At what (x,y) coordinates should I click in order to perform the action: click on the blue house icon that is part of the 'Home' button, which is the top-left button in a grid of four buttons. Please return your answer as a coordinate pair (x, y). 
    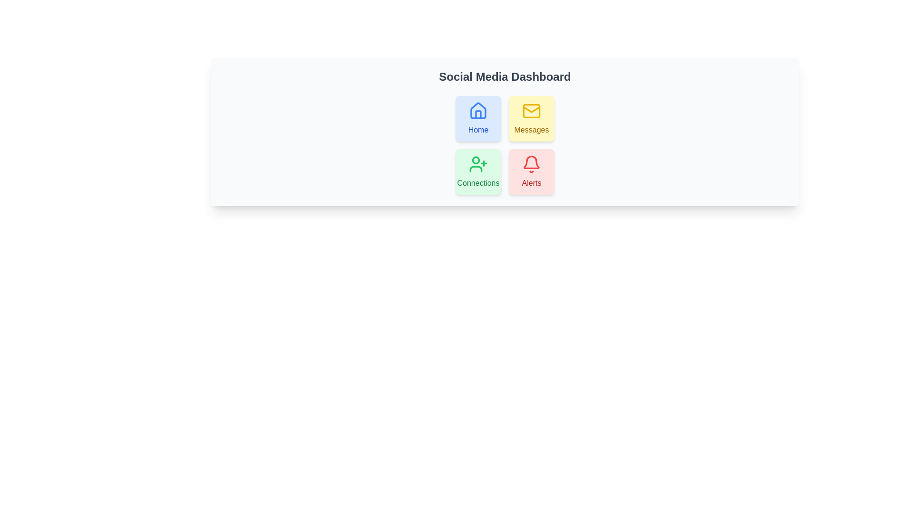
    Looking at the image, I should click on (478, 111).